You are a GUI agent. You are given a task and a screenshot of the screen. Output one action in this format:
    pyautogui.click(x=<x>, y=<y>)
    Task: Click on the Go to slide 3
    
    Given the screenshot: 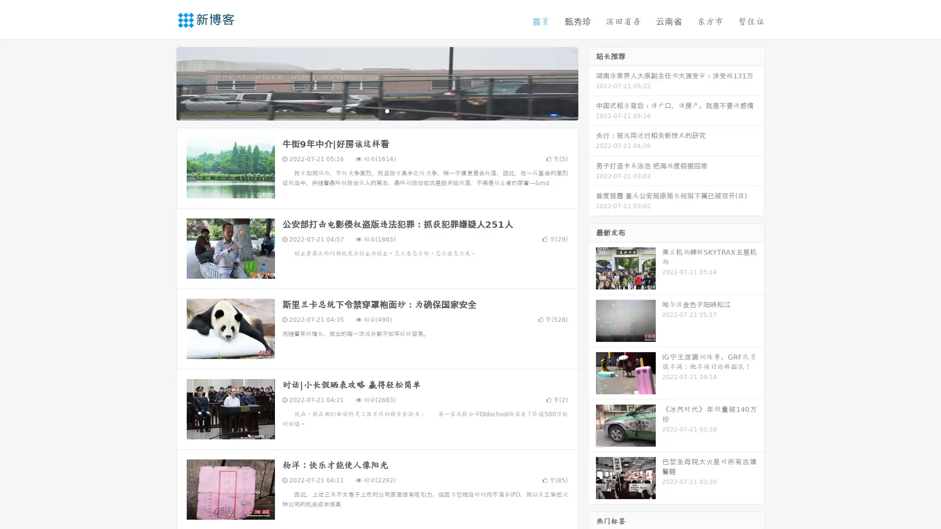 What is the action you would take?
    pyautogui.click(x=387, y=110)
    